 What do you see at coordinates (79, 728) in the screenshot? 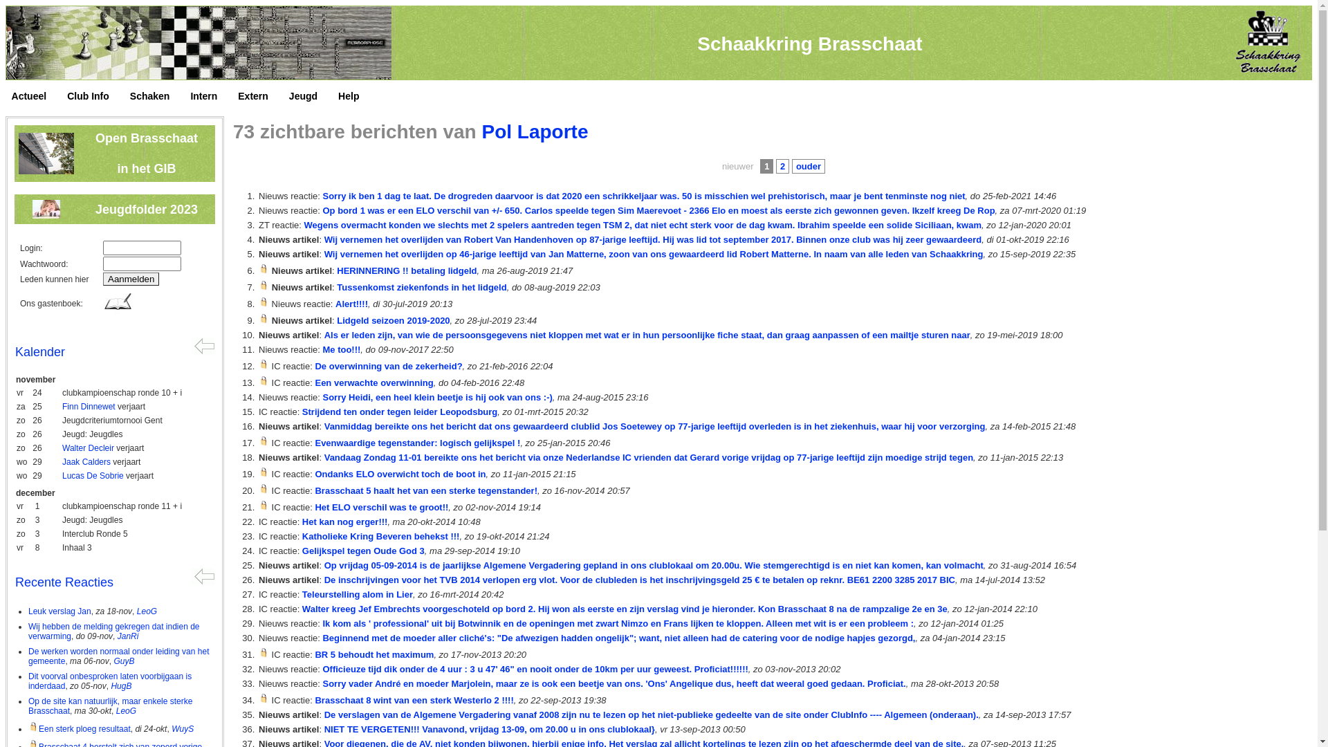
I see `'Een sterk ploeg resultaat'` at bounding box center [79, 728].